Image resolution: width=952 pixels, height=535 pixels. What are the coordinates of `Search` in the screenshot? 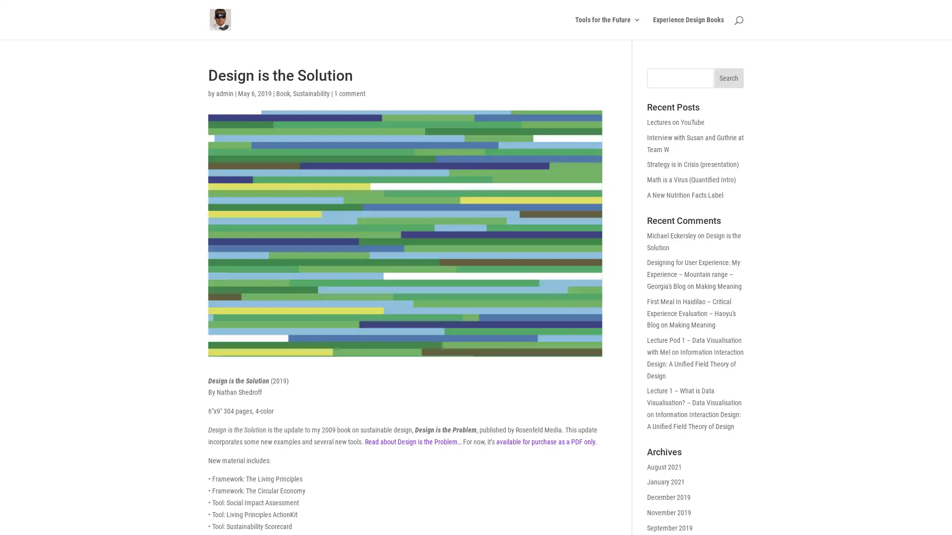 It's located at (728, 78).